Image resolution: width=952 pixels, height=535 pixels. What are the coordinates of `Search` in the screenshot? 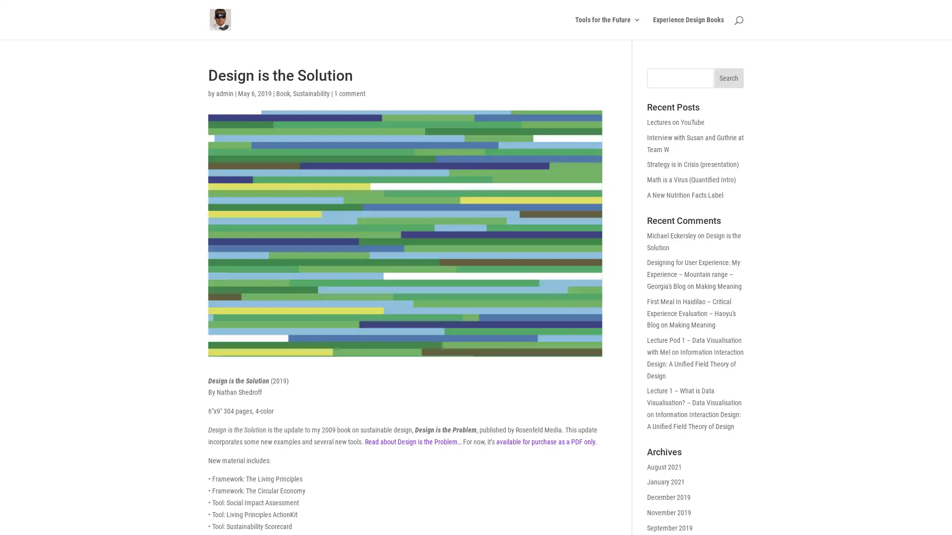 It's located at (728, 78).